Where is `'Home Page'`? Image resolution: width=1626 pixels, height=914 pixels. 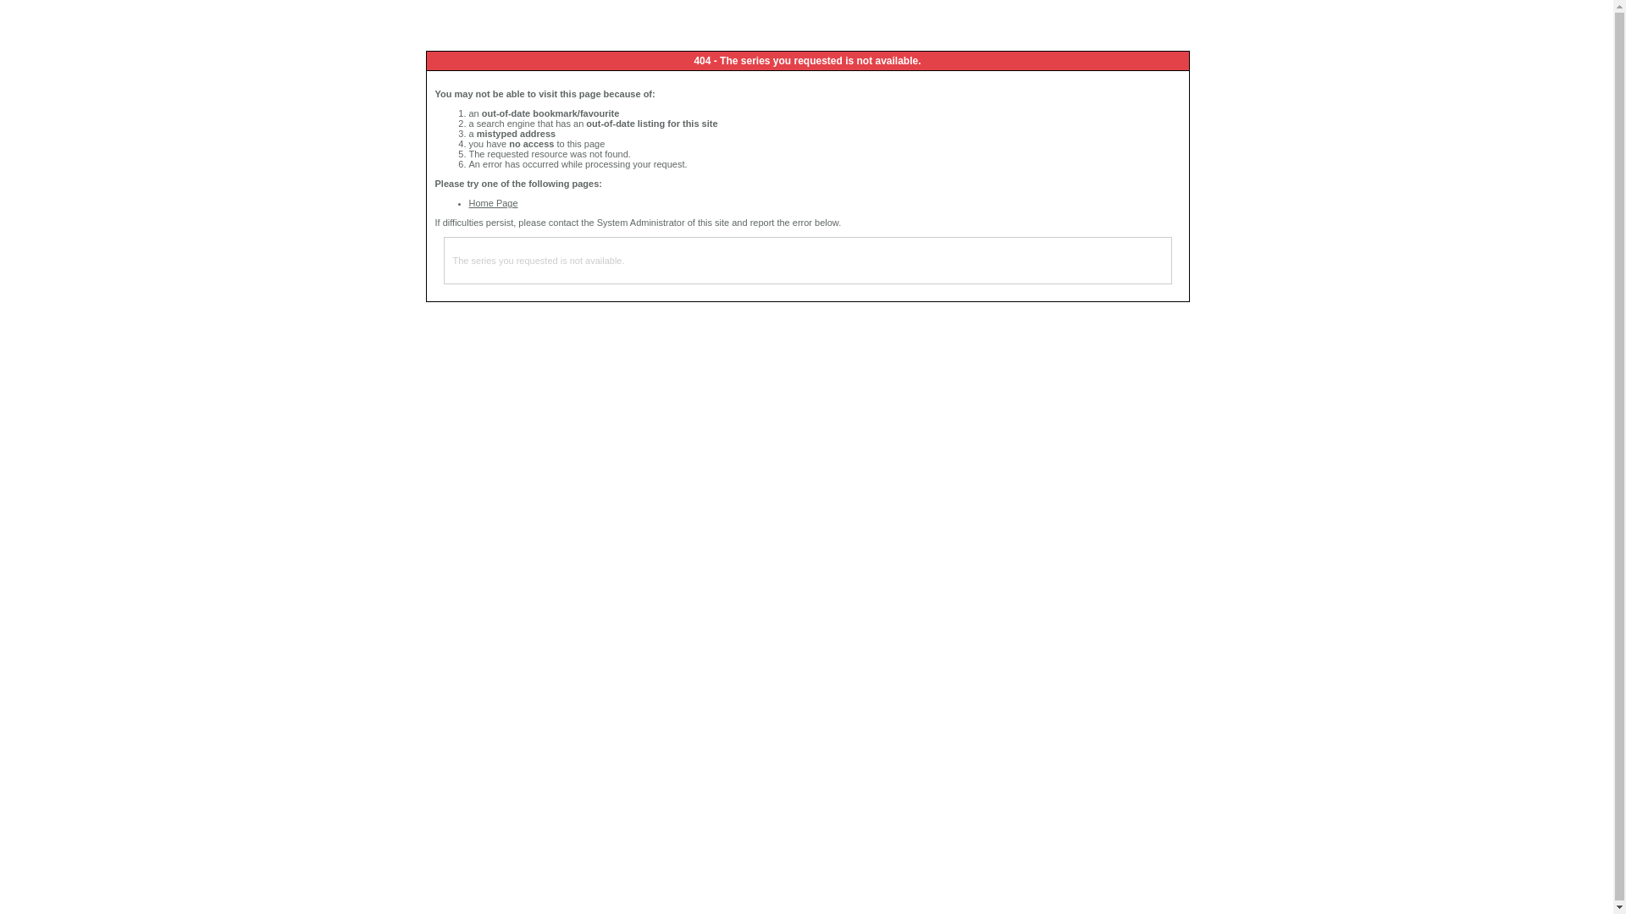
'Home Page' is located at coordinates (492, 201).